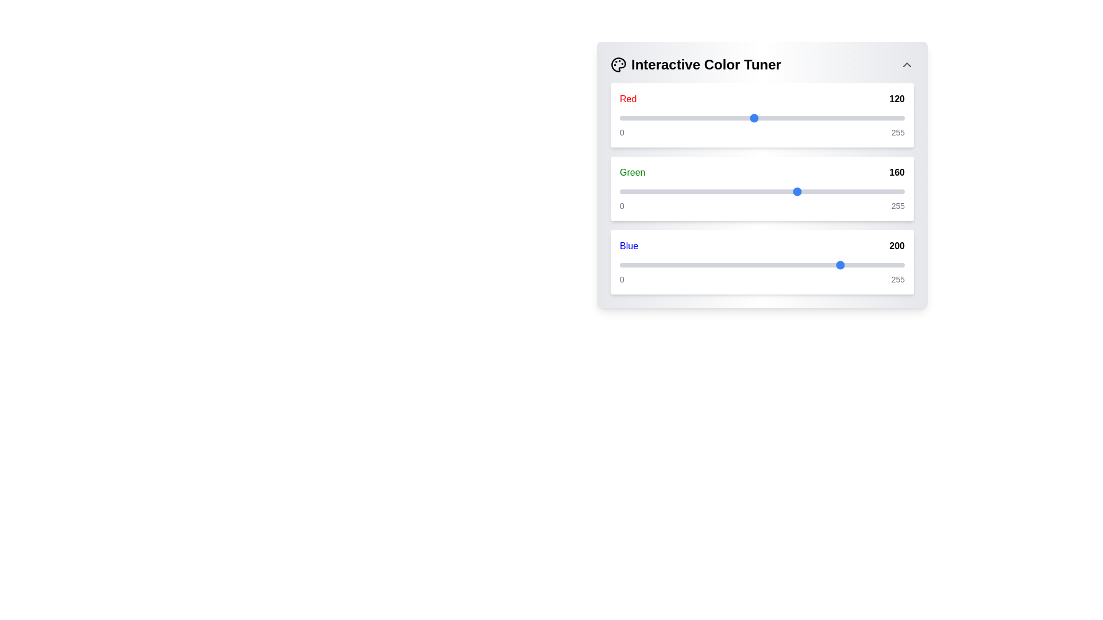 Image resolution: width=1103 pixels, height=620 pixels. Describe the element at coordinates (749, 191) in the screenshot. I see `the green color intensity` at that location.